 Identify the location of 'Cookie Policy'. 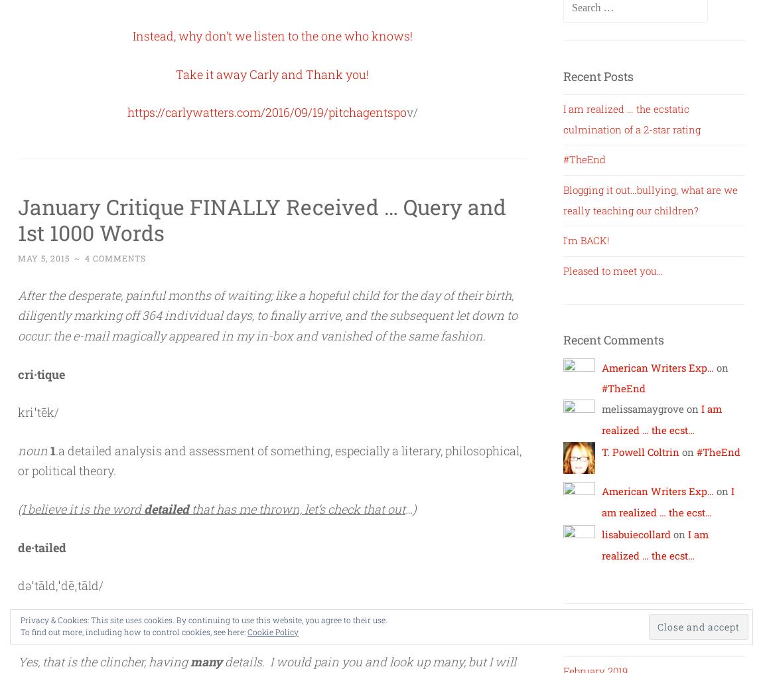
(247, 632).